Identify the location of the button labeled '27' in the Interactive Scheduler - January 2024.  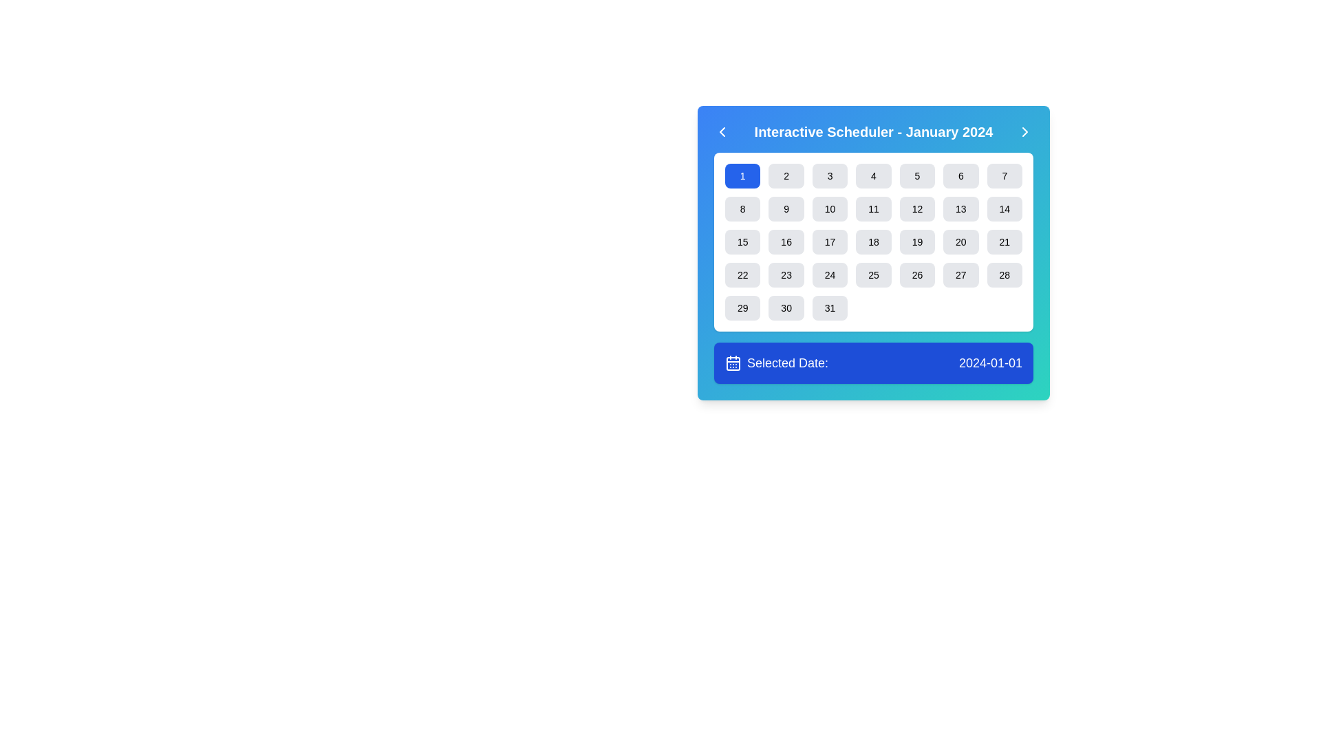
(960, 275).